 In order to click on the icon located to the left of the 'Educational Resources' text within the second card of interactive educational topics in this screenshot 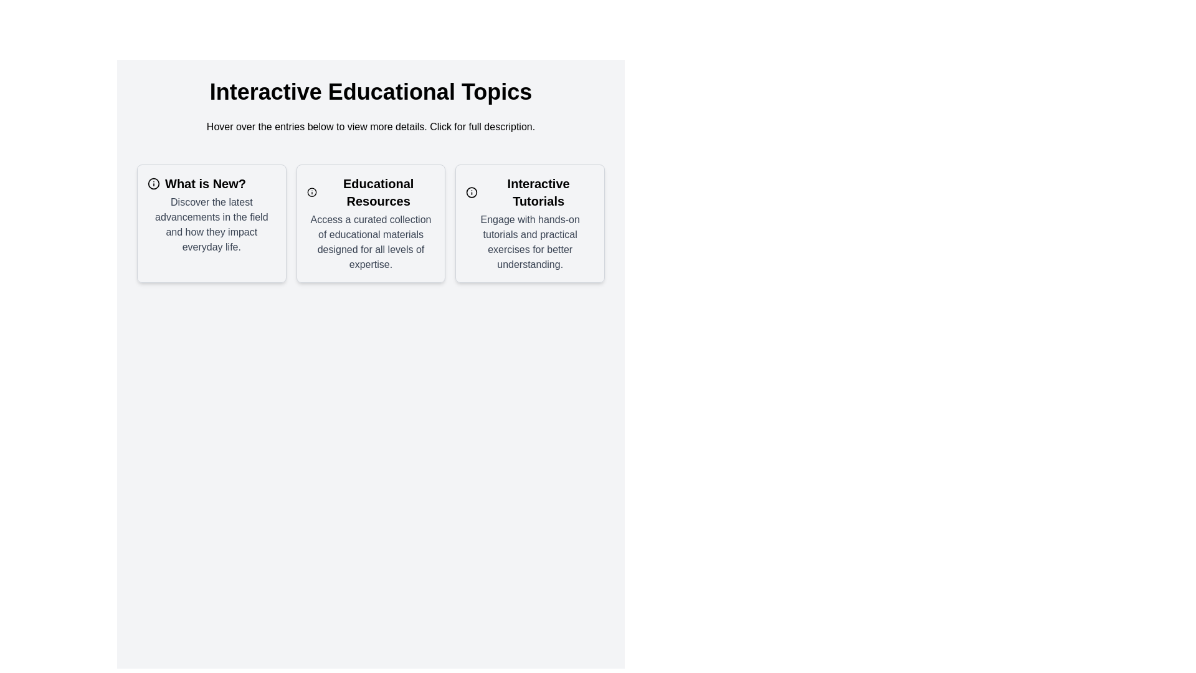, I will do `click(311, 192)`.